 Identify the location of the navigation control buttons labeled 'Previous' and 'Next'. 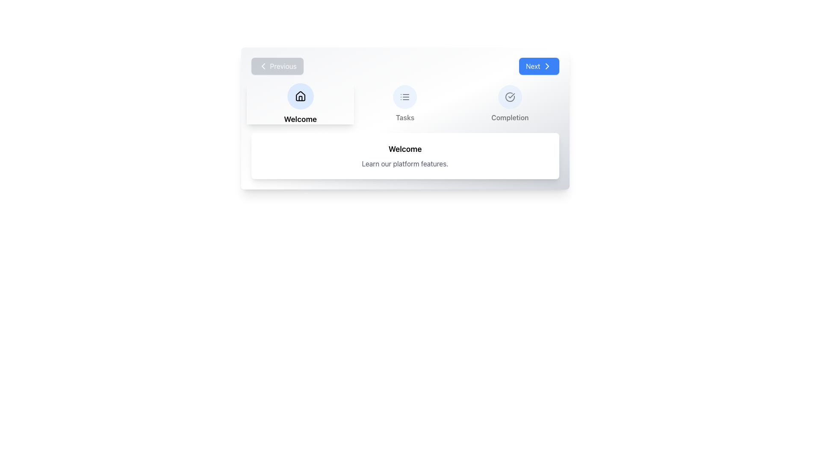
(405, 65).